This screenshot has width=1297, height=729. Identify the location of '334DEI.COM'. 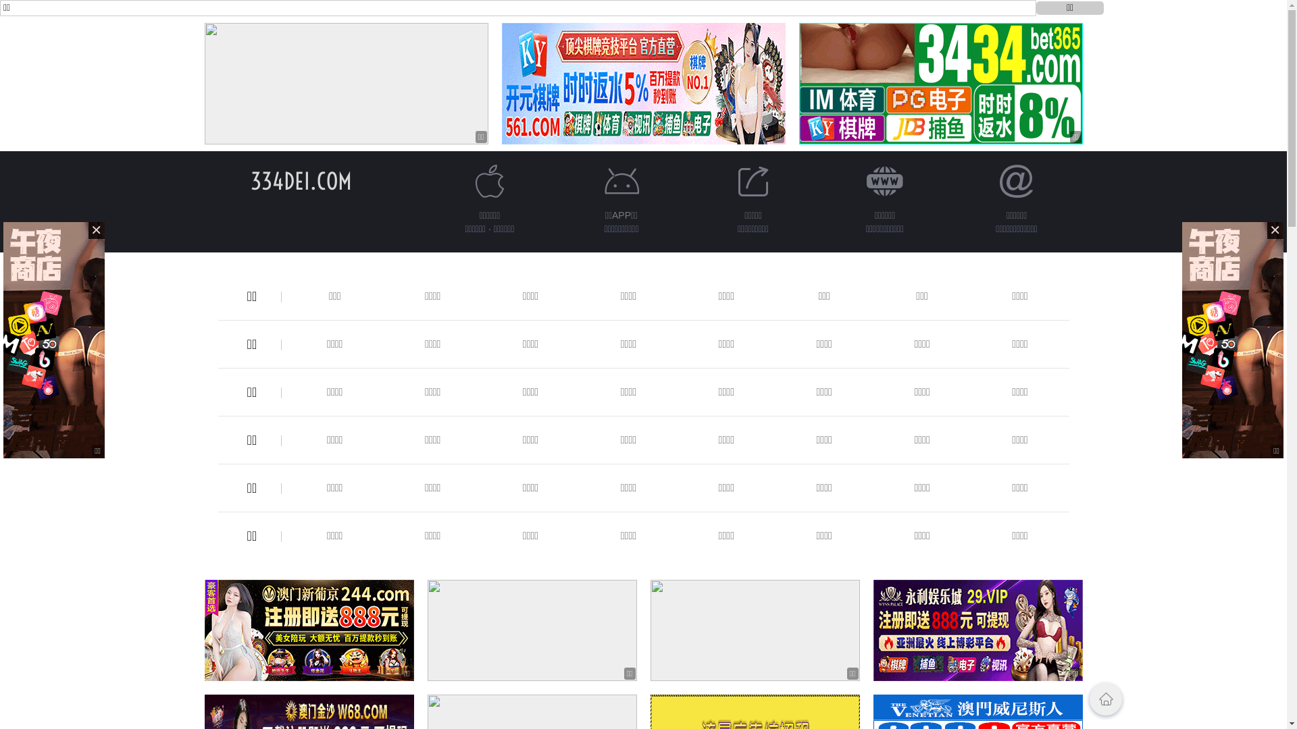
(300, 180).